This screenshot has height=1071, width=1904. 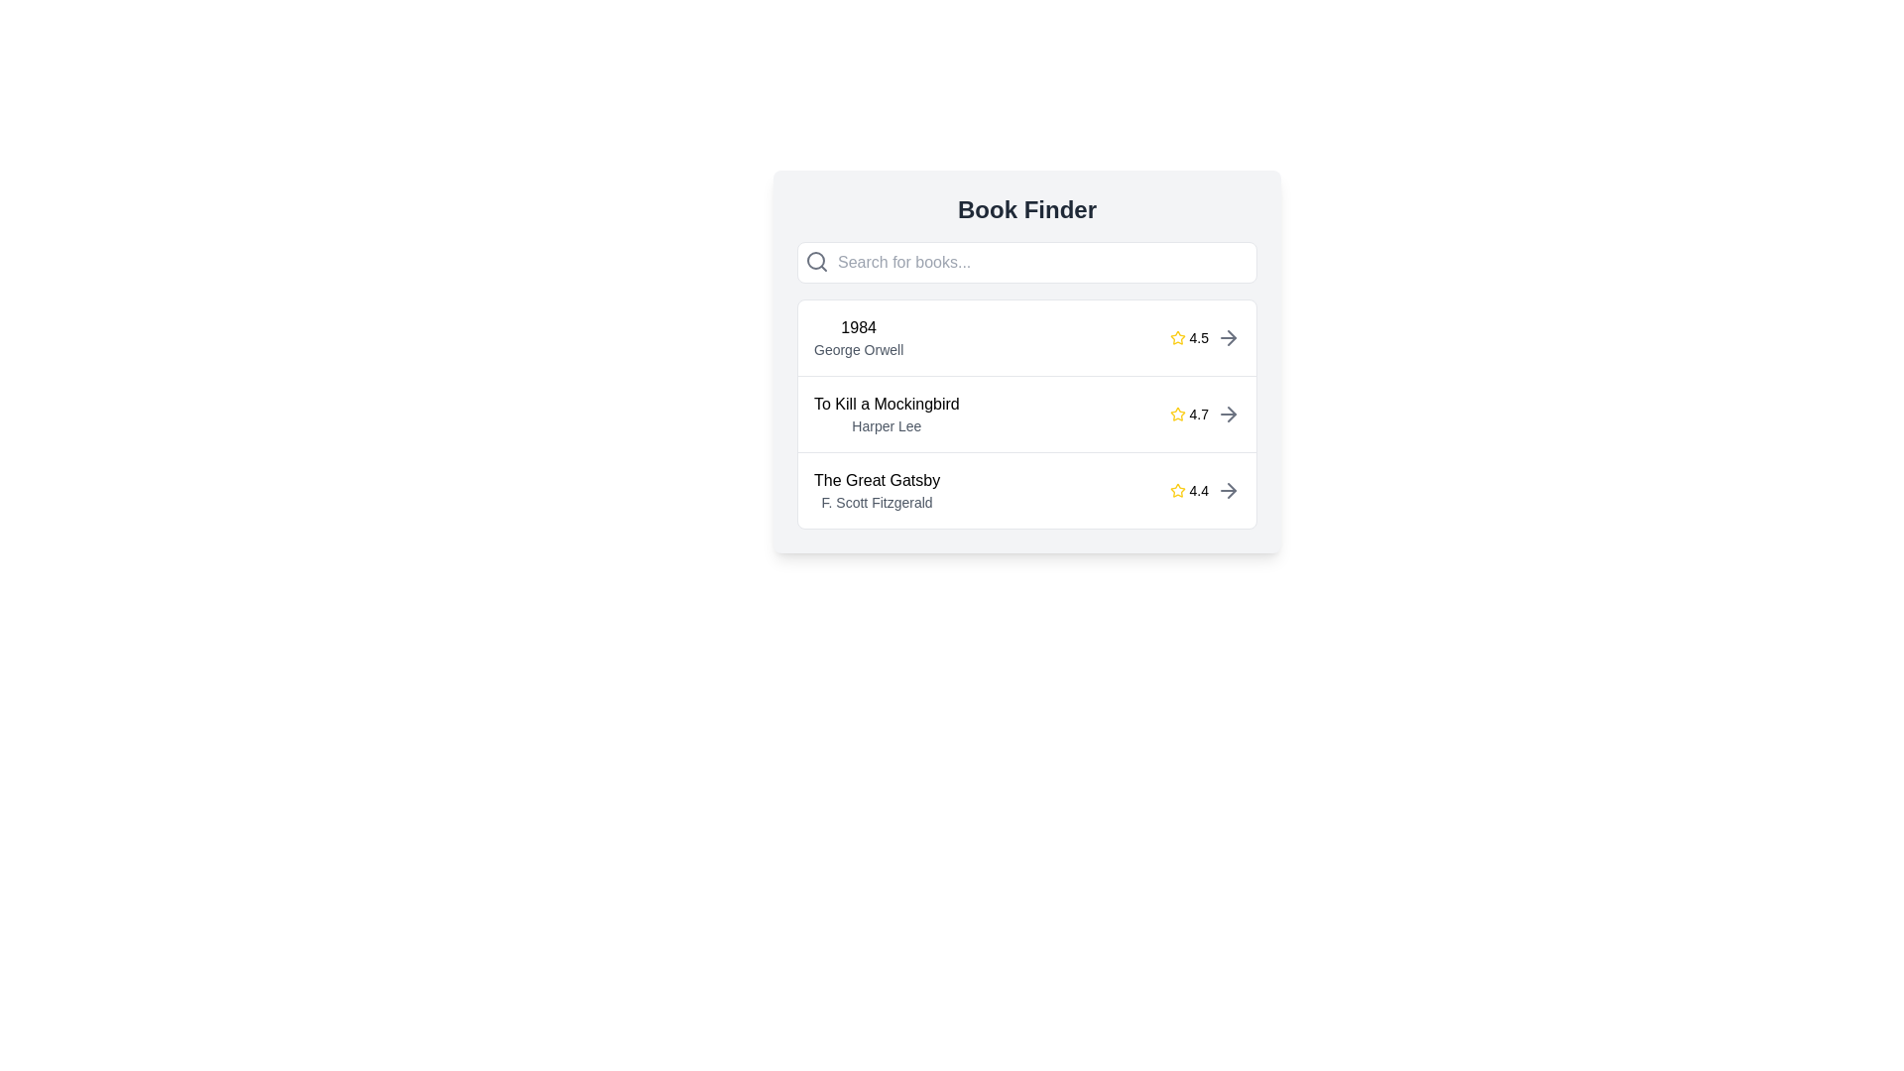 What do you see at coordinates (1027, 413) in the screenshot?
I see `to select the second list item titled 'To Kill a Mockingbird' which displays the rating '4.7' and is located between the items for '1984' and 'The Great Gatsby'` at bounding box center [1027, 413].